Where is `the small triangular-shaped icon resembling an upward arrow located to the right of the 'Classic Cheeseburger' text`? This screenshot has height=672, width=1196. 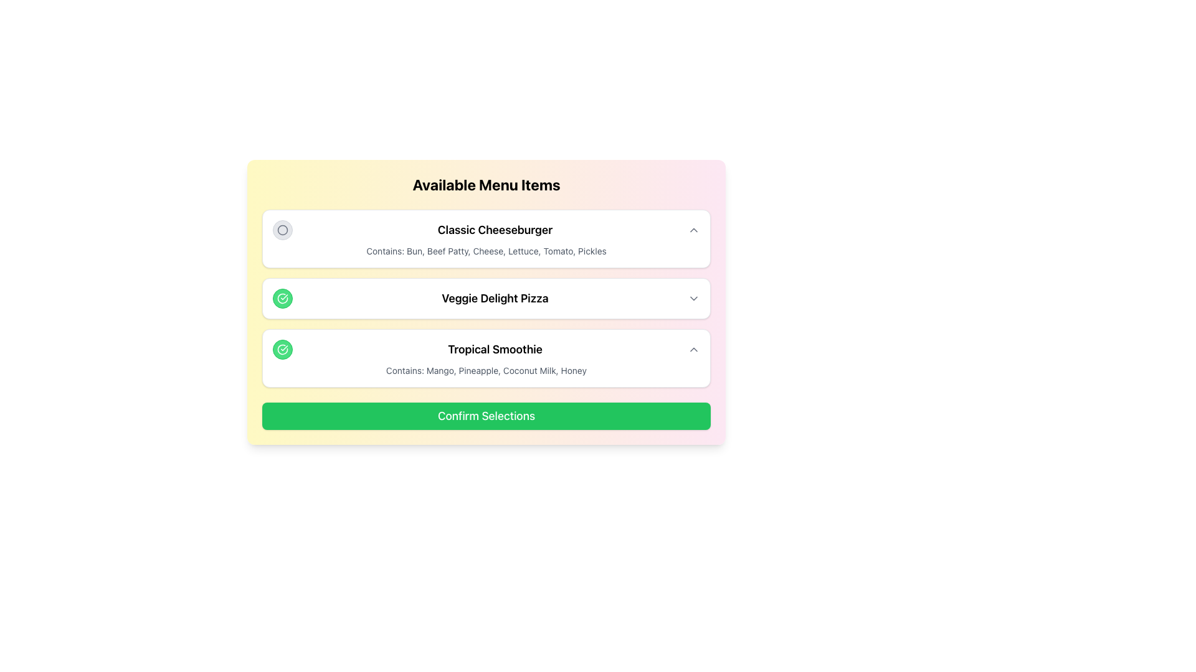 the small triangular-shaped icon resembling an upward arrow located to the right of the 'Classic Cheeseburger' text is located at coordinates (693, 230).